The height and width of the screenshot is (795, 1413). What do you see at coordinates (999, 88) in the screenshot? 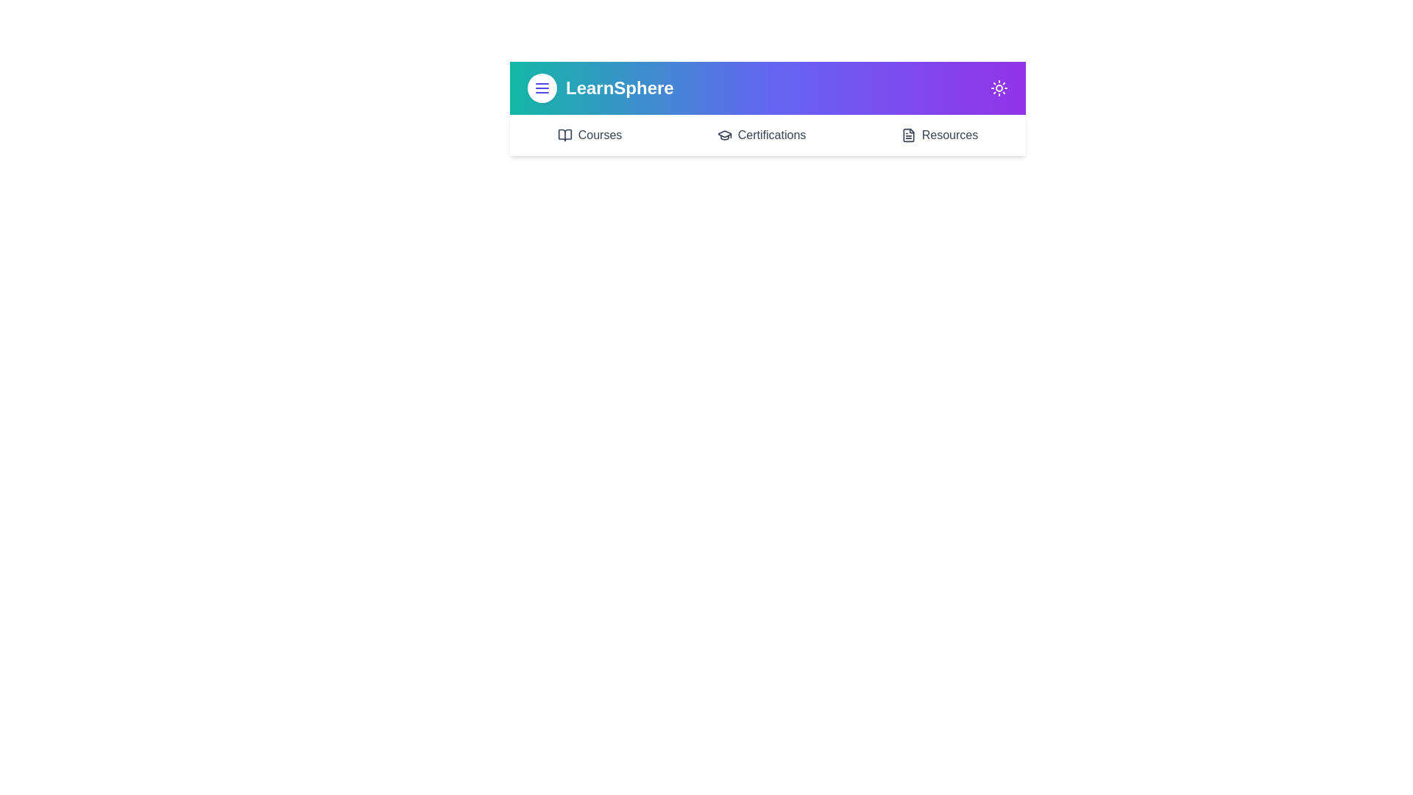
I see `the sun icon to toggle the theme` at bounding box center [999, 88].